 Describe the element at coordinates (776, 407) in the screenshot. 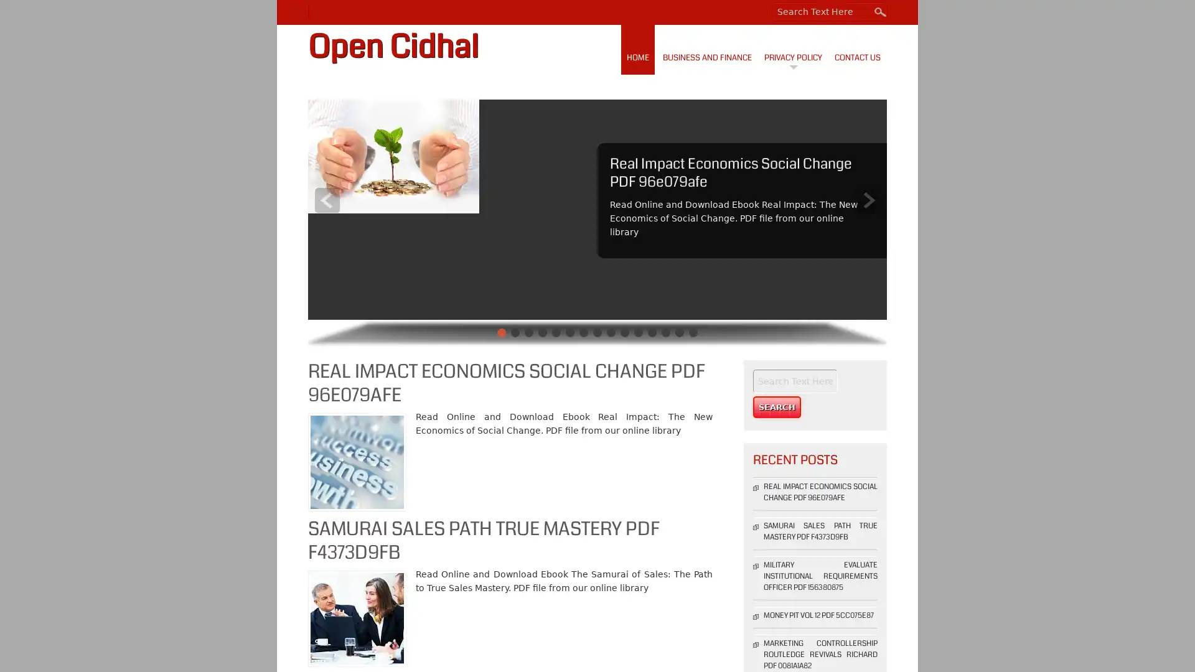

I see `Search` at that location.